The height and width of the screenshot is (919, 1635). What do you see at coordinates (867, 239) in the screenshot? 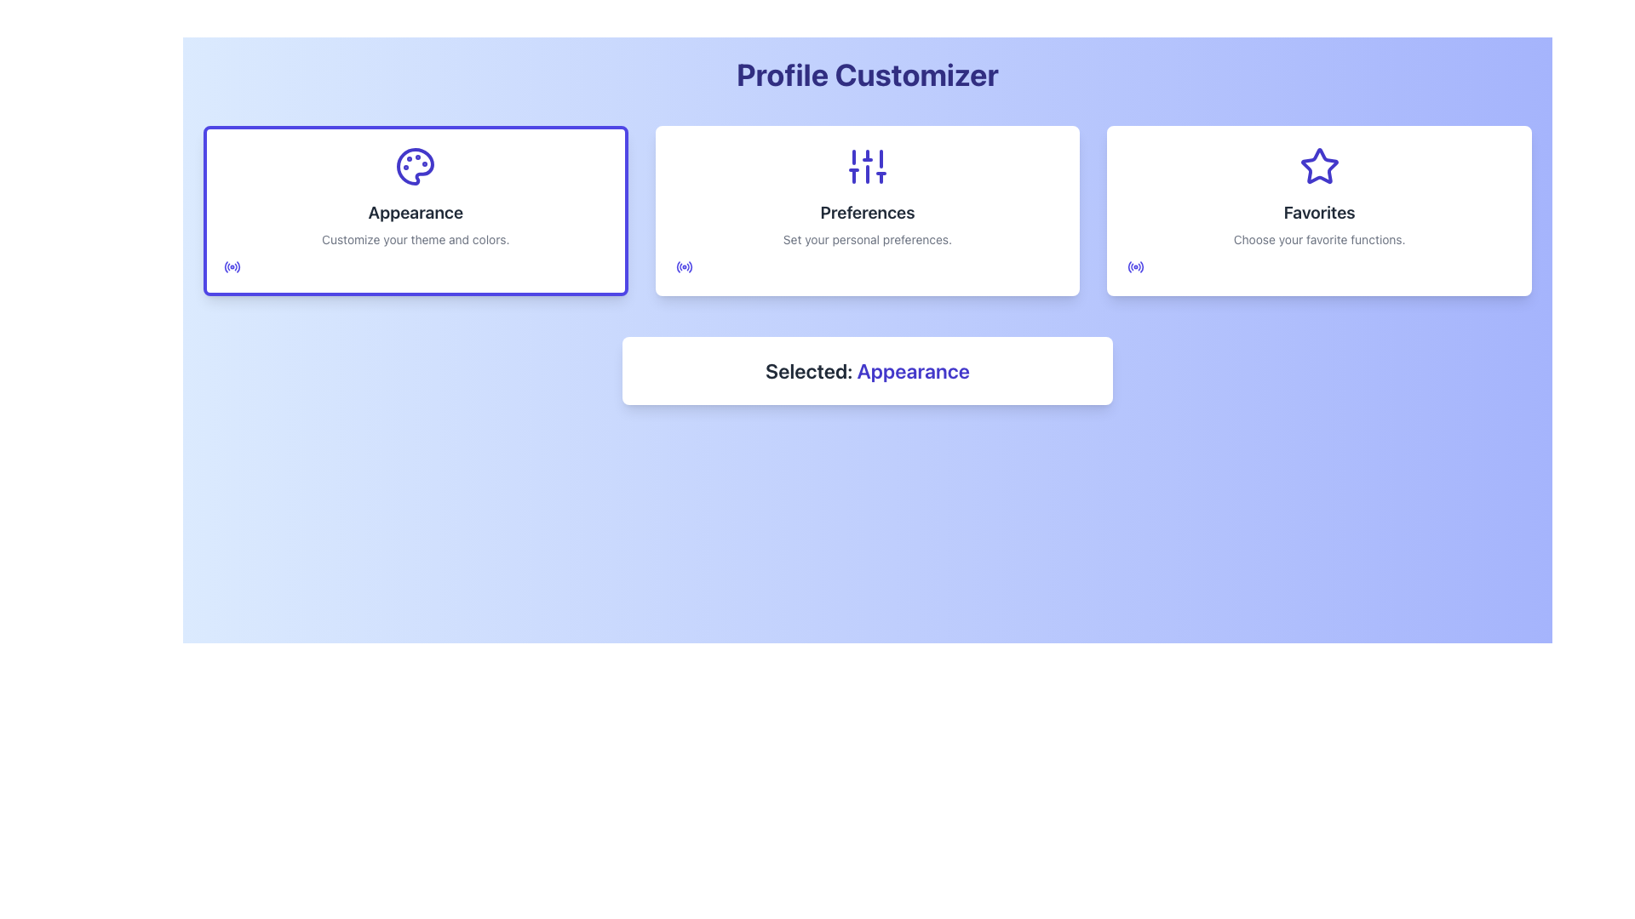
I see `the descriptive text element located directly beneath the title 'Preferences' within the 'Preferences' card` at bounding box center [867, 239].